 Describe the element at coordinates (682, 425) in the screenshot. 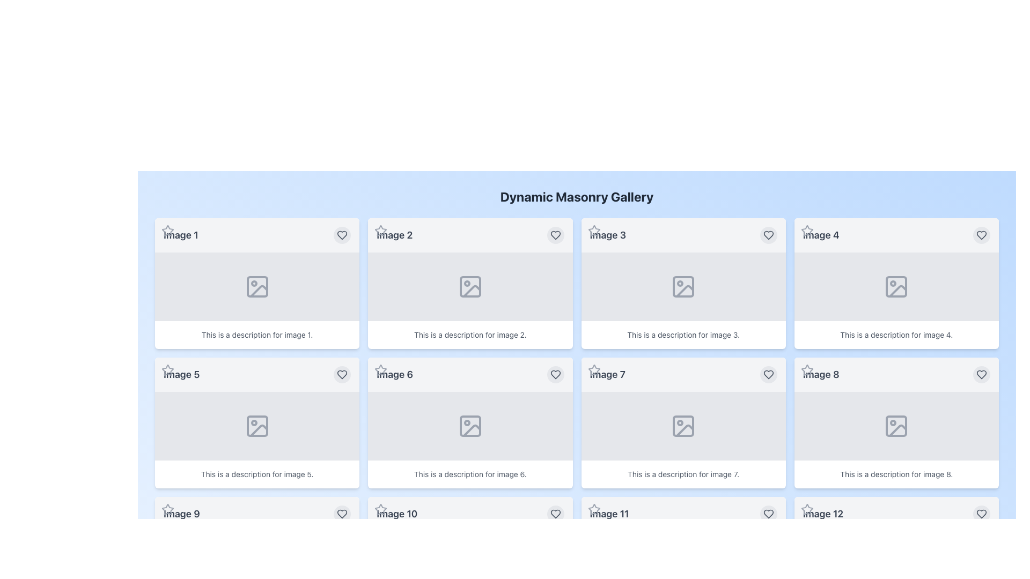

I see `the Image placeholder element, which is a rectangular area with a light gray background and a landscape icon, located in the center panel above the caption 'This is a description for image 7.'` at that location.